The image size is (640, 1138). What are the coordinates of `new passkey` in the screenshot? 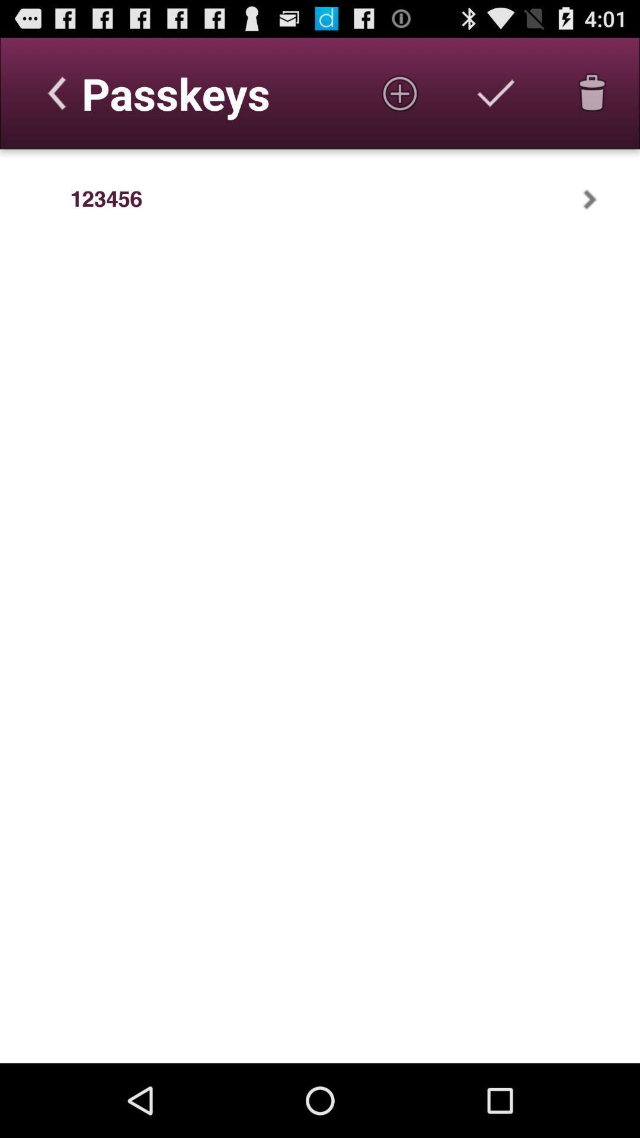 It's located at (400, 92).